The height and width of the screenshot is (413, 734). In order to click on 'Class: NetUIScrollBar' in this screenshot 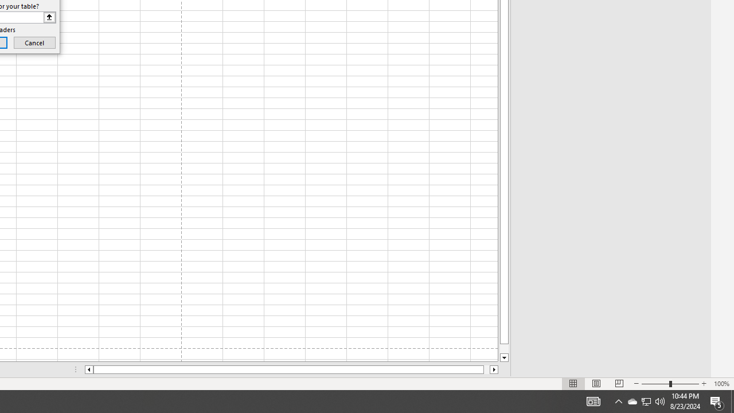, I will do `click(291, 369)`.